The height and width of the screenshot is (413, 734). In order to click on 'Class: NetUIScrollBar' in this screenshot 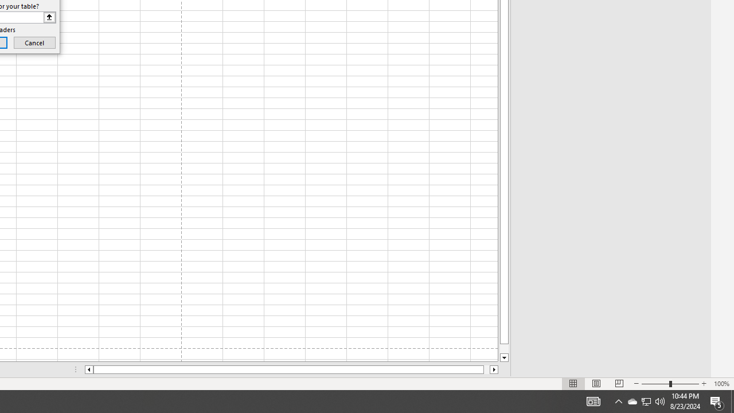, I will do `click(291, 369)`.